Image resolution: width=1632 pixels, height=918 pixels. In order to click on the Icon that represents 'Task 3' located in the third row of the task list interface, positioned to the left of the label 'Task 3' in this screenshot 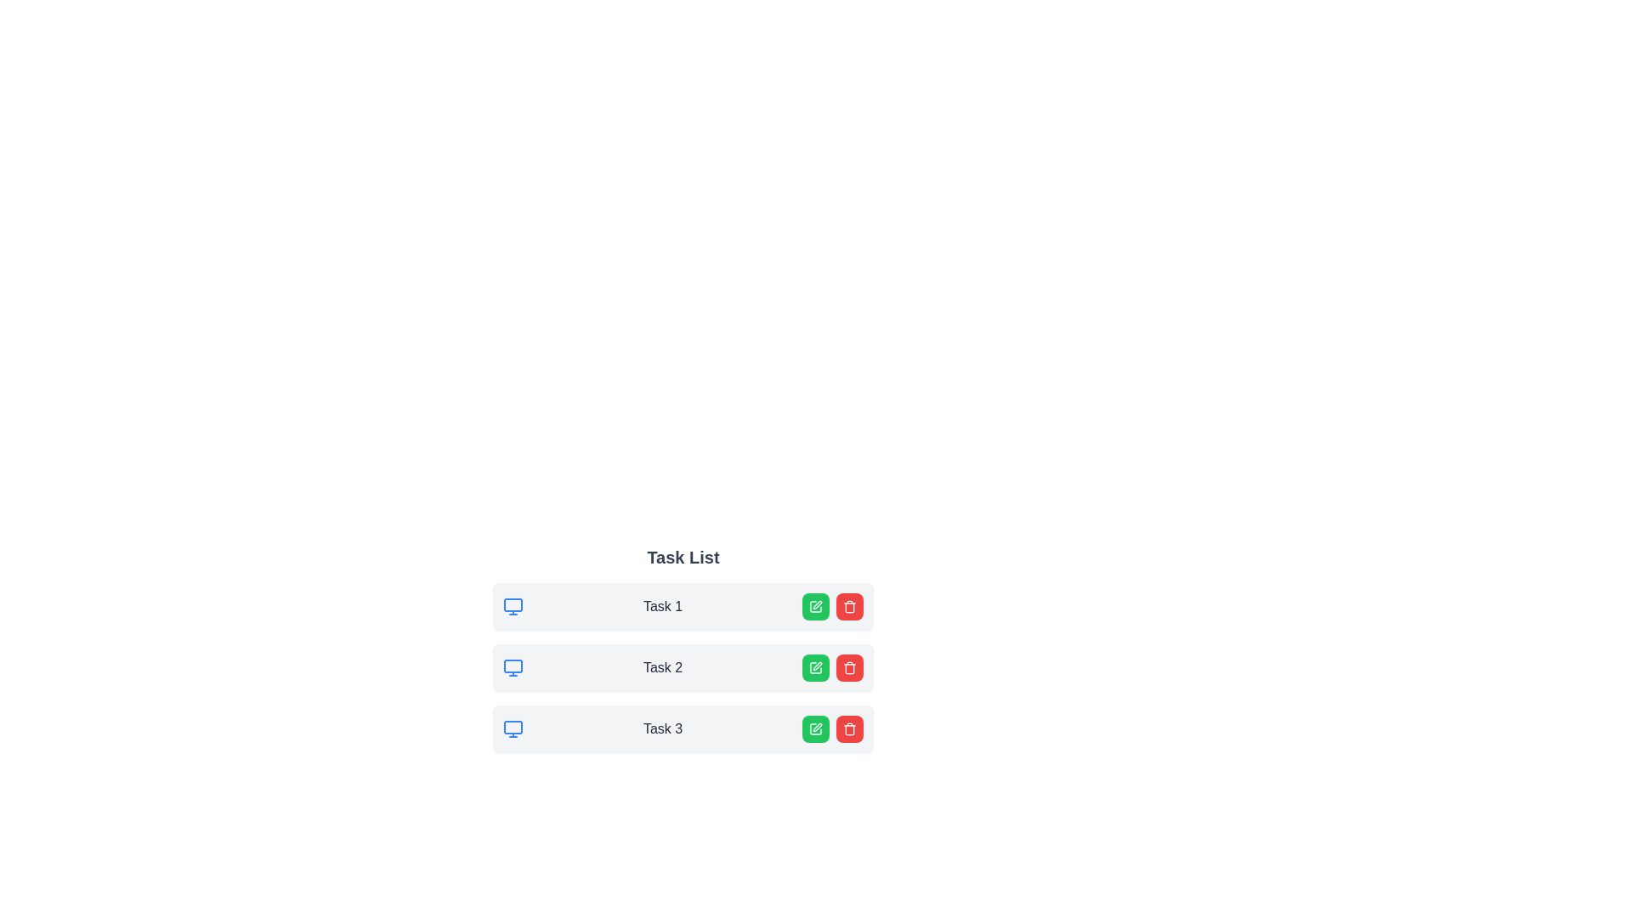, I will do `click(513, 728)`.